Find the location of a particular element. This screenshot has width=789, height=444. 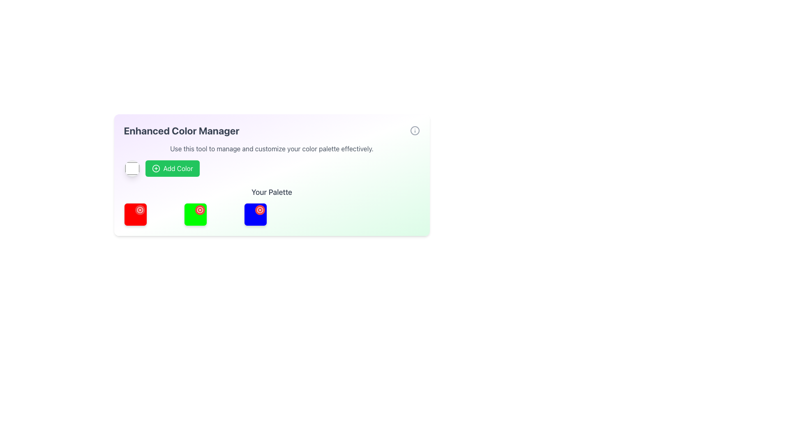

the delete button located at the top-right corner of the red square block is located at coordinates (140, 209).